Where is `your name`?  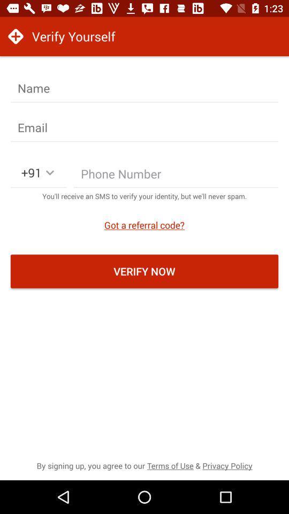 your name is located at coordinates (144, 88).